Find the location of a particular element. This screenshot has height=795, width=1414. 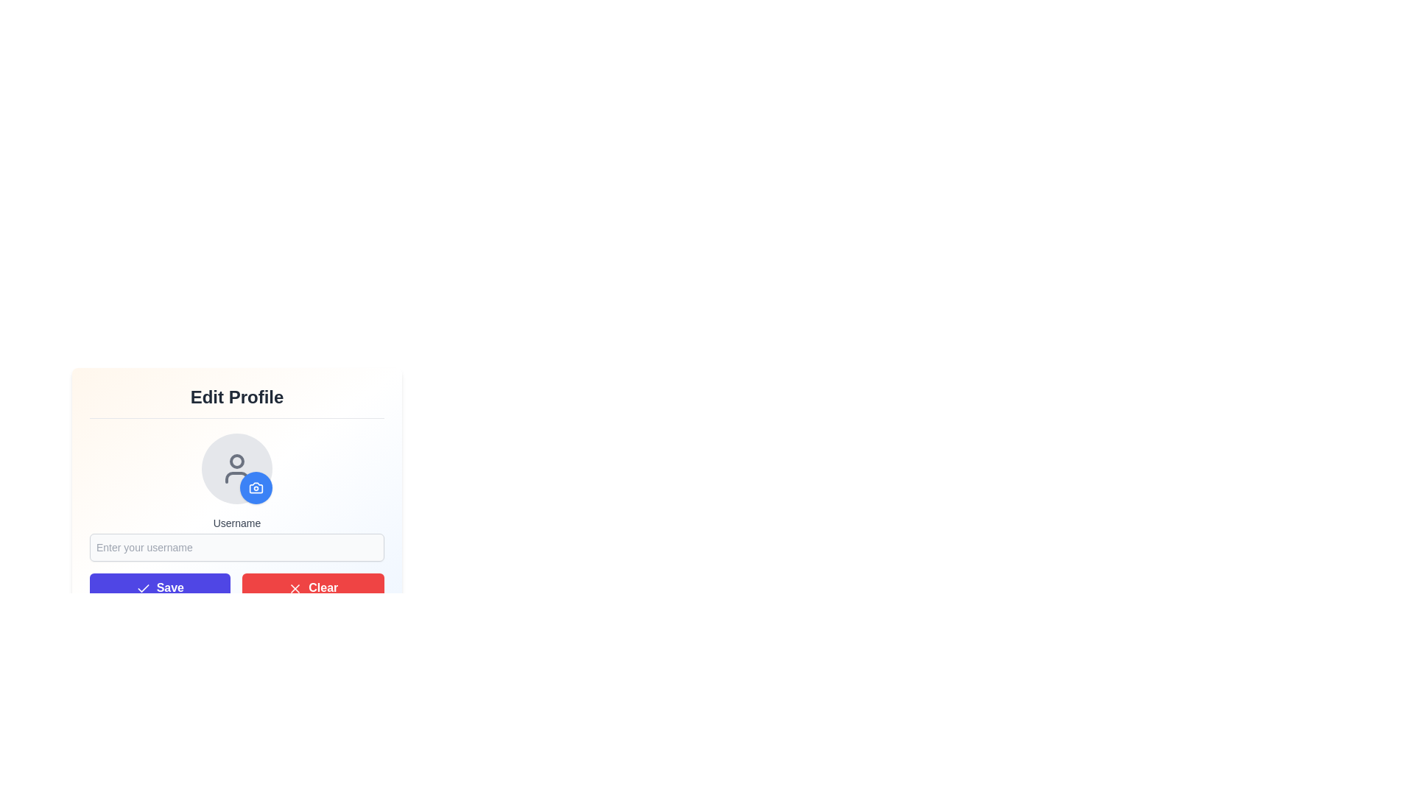

the 'Save' button located in the Button Group beneath the username input field in the 'Edit Profile' section is located at coordinates (236, 587).